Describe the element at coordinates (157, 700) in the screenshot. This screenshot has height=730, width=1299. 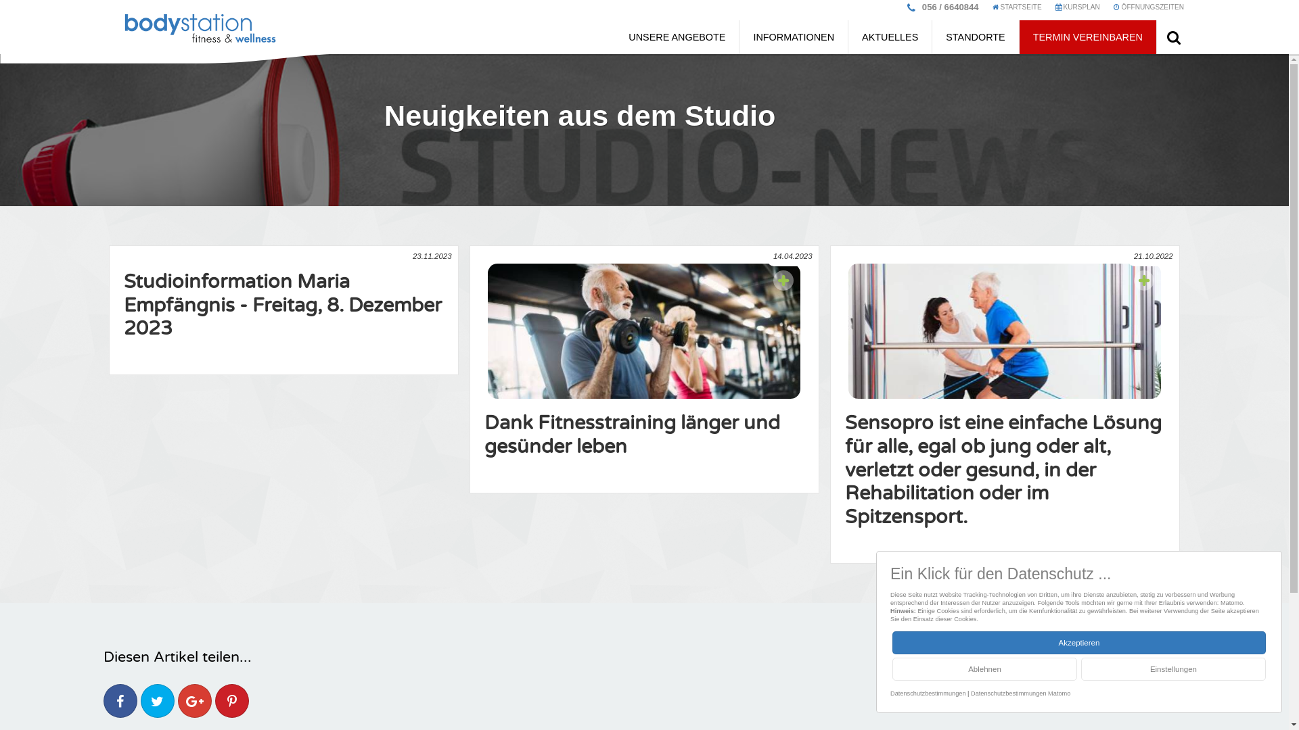
I see `'Share via Twitter'` at that location.